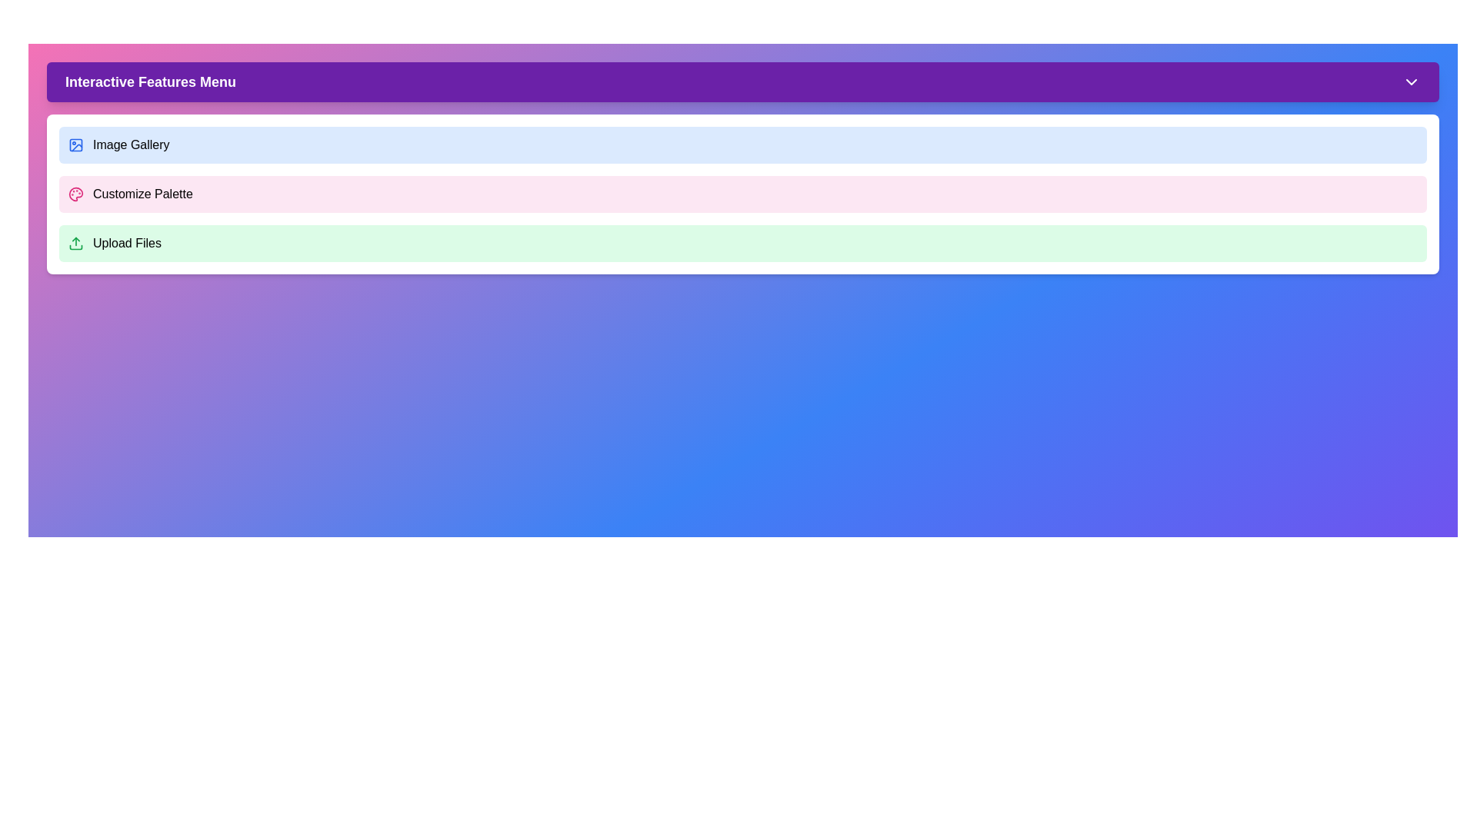 This screenshot has width=1477, height=830. I want to click on the 'Image Gallery' option in the menu, so click(742, 145).